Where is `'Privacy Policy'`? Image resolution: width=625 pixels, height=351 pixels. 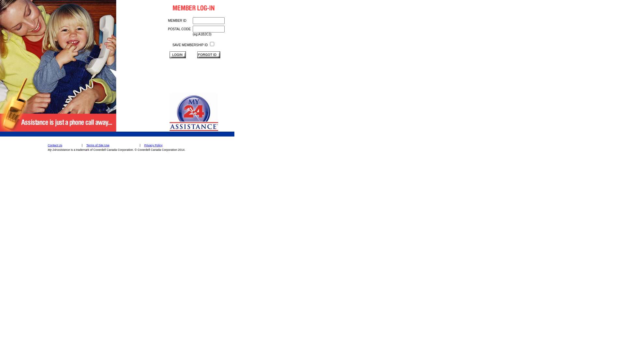 'Privacy Policy' is located at coordinates (153, 145).